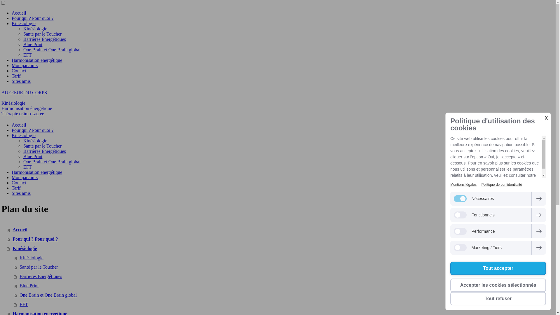  What do you see at coordinates (32, 44) in the screenshot?
I see `'Blue Print'` at bounding box center [32, 44].